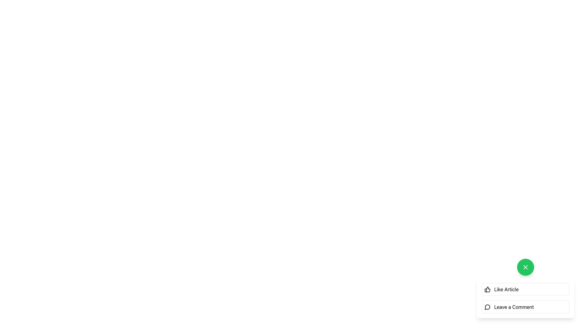 Image resolution: width=584 pixels, height=328 pixels. I want to click on the green circular icon button with an 'X' icon, located near the bottom right corner of the interface, so click(525, 267).